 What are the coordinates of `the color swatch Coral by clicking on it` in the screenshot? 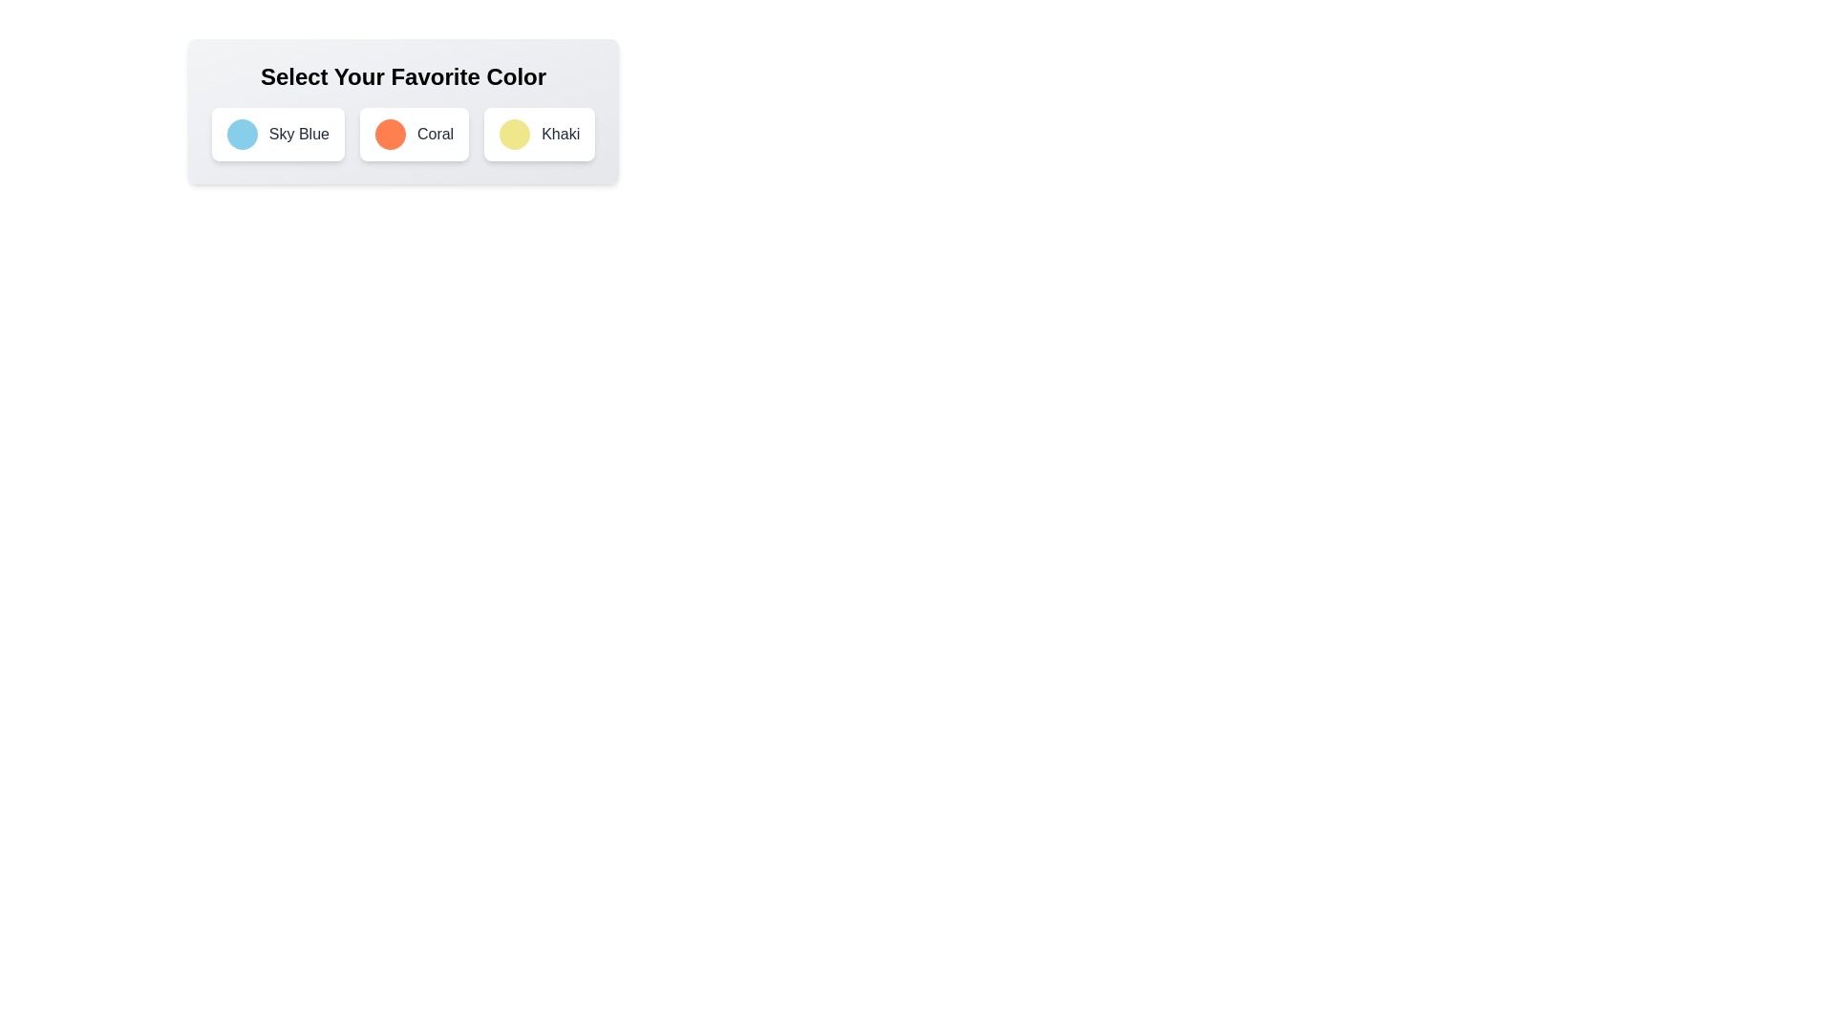 It's located at (389, 134).